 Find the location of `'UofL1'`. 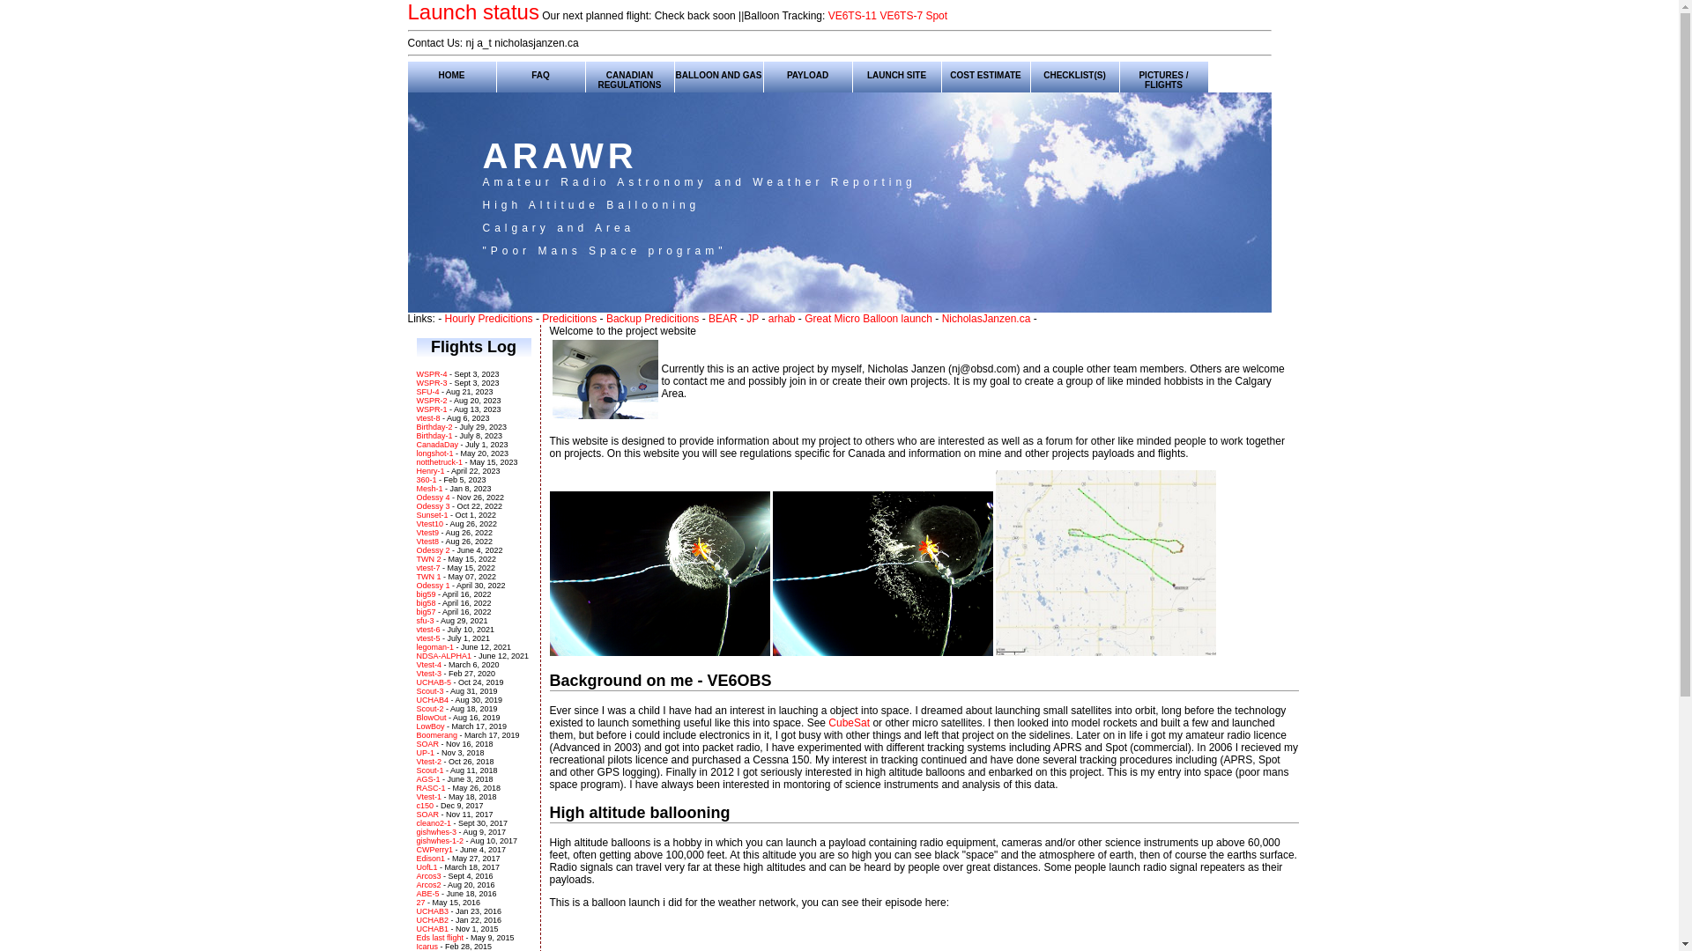

'UofL1' is located at coordinates (414, 866).